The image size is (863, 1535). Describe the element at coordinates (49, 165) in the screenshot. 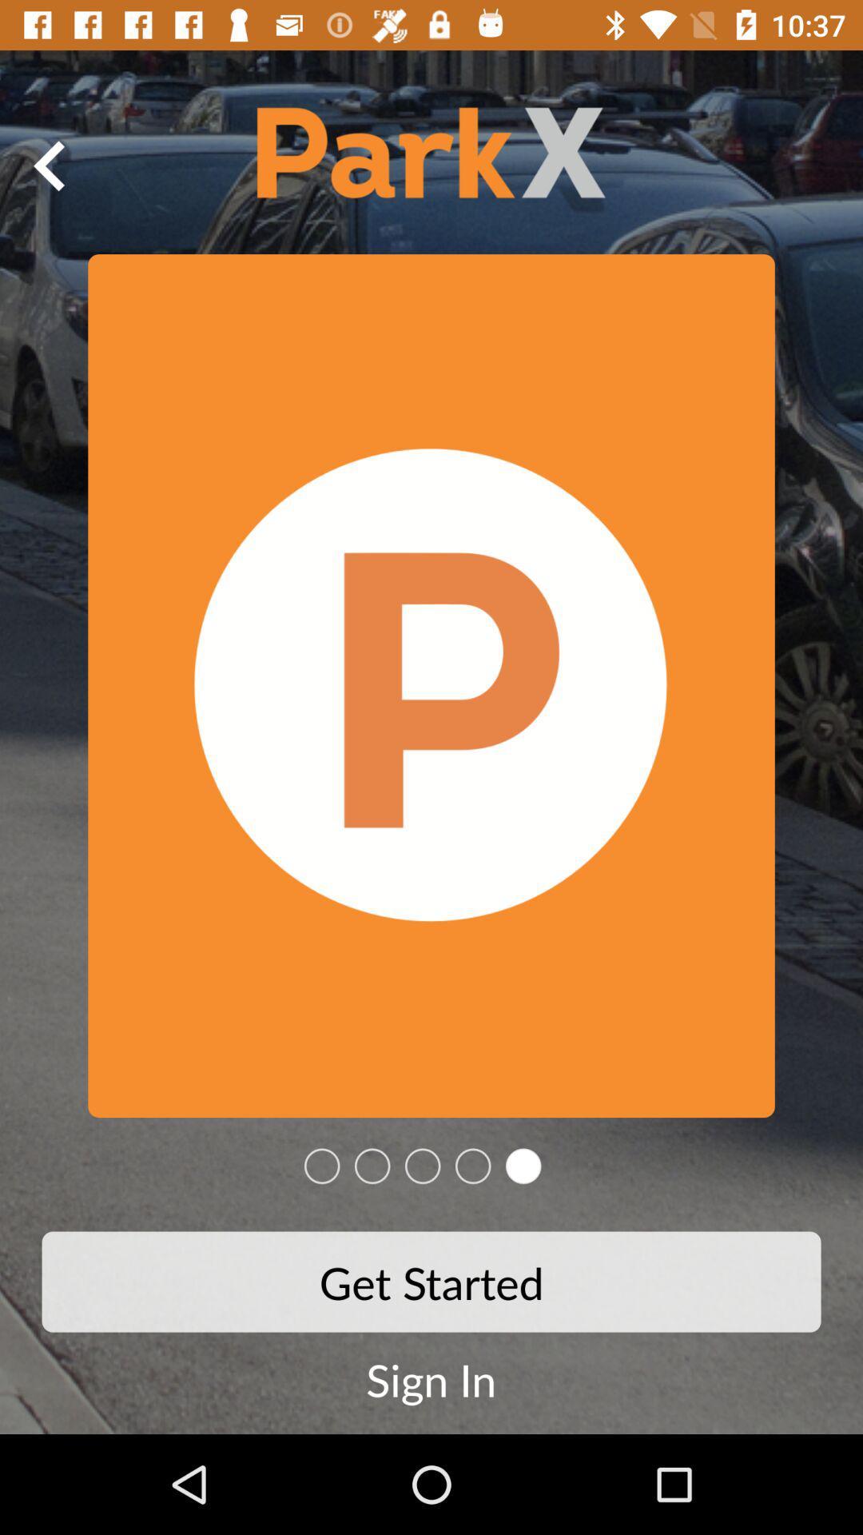

I see `previous` at that location.